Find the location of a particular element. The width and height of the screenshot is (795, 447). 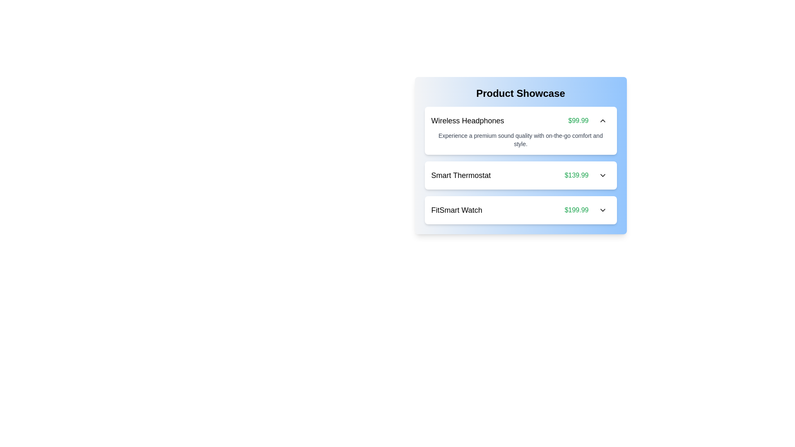

the price of the product Smart Thermostat is located at coordinates (576, 175).